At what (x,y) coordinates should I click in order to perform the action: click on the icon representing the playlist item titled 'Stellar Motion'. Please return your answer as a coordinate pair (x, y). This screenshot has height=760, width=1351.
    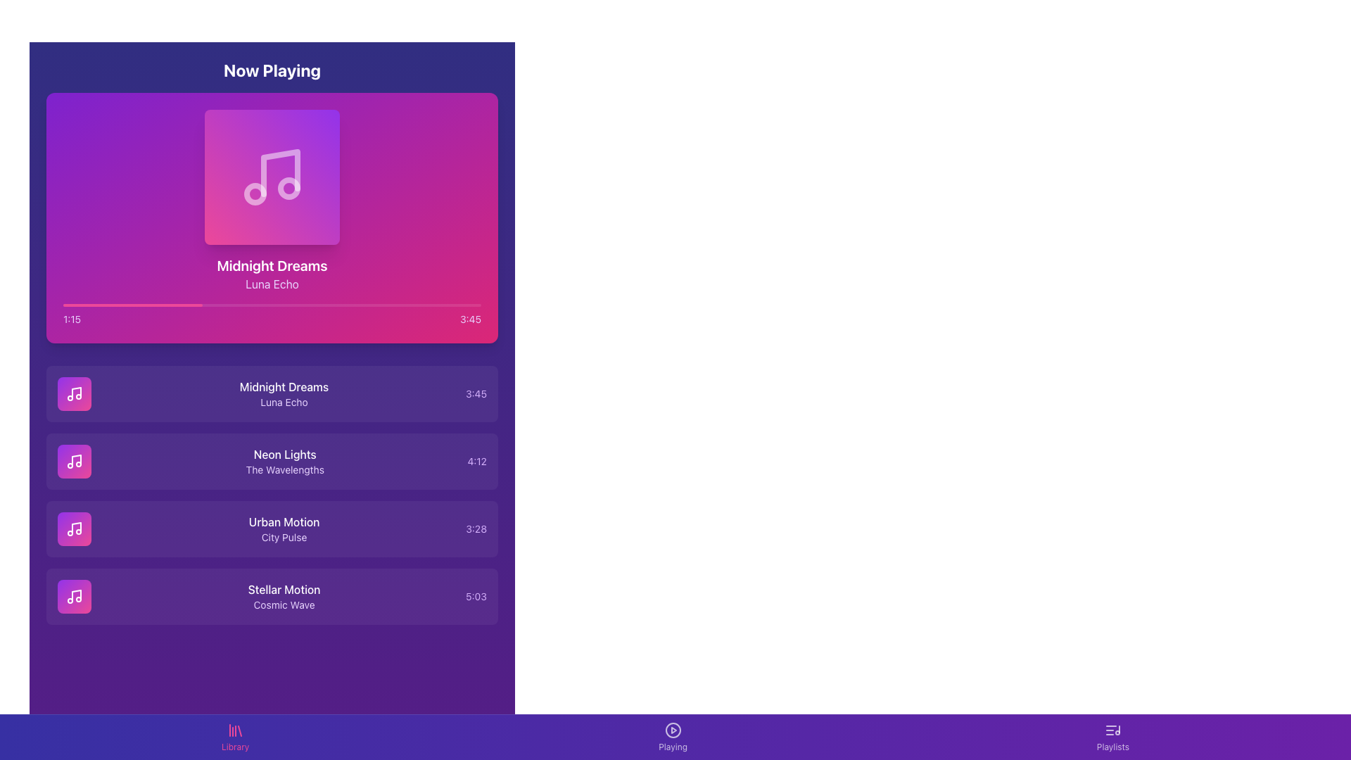
    Looking at the image, I should click on (73, 597).